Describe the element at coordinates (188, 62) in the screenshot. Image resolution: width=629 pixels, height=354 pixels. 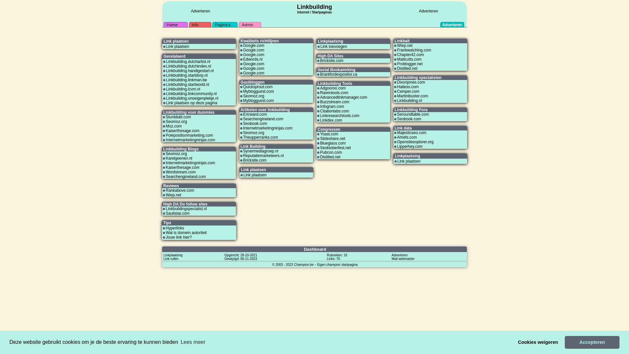
I see `'Linkbuilding.dutchartist.nl'` at that location.